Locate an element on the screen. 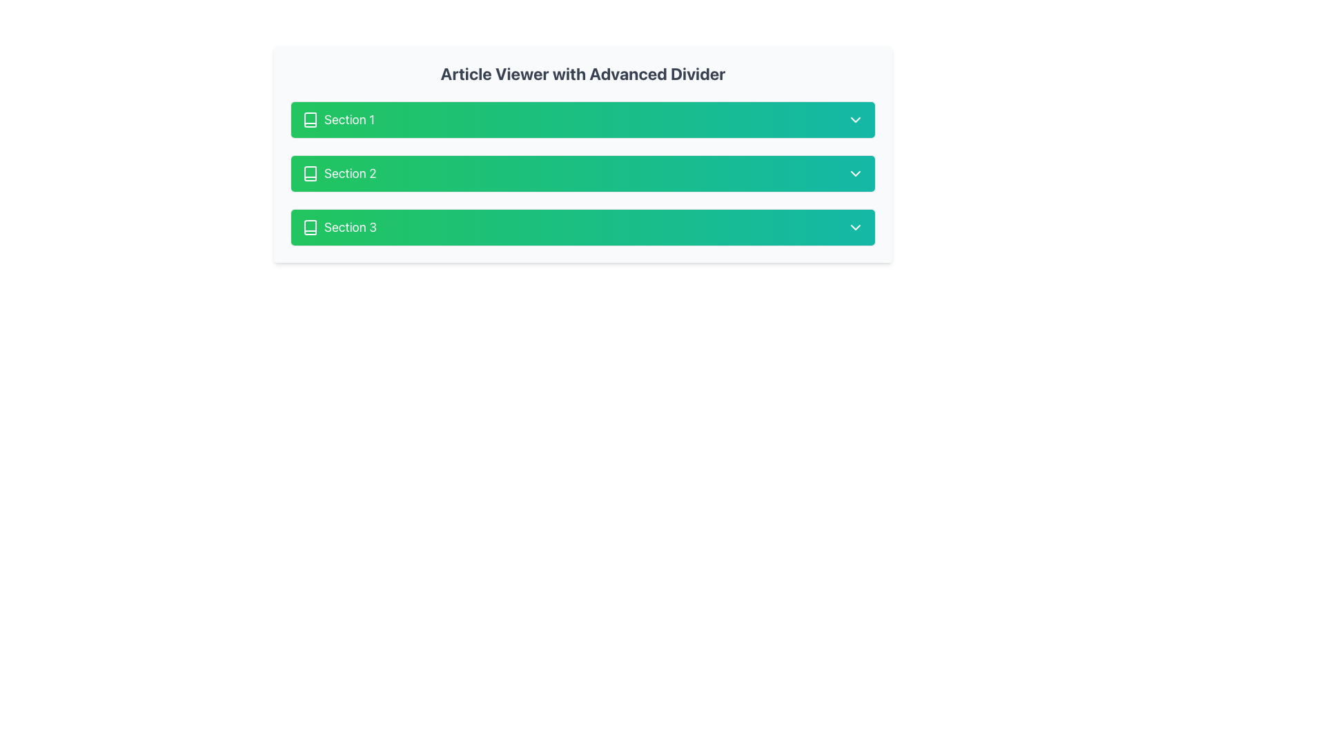 The image size is (1325, 745). the 'Section 2' label with a book icon to interact with the section is located at coordinates (339, 172).